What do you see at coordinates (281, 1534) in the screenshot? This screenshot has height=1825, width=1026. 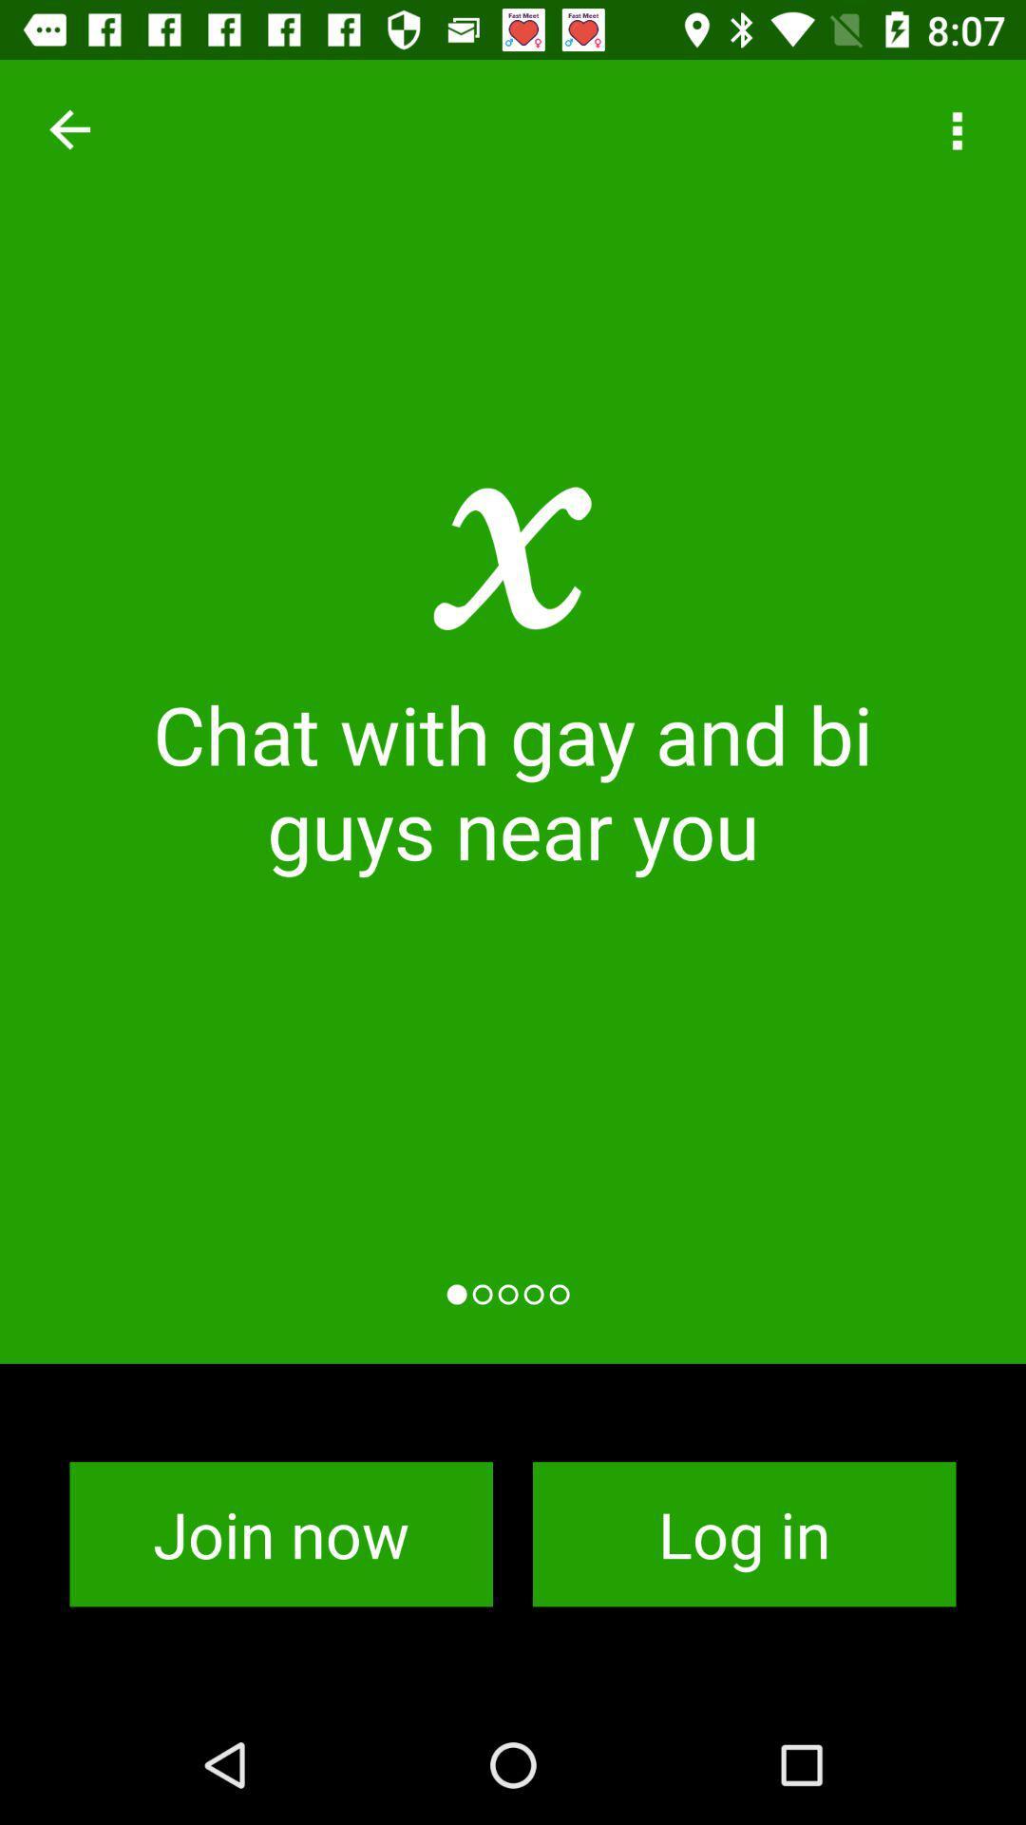 I see `the app at the bottom left corner` at bounding box center [281, 1534].